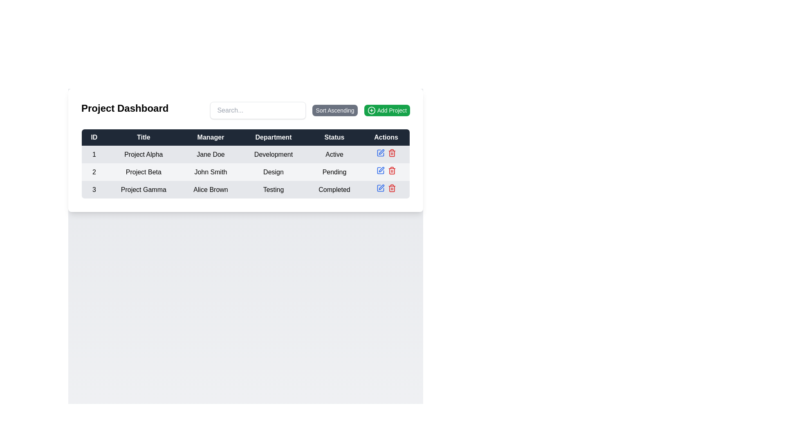  Describe the element at coordinates (144, 154) in the screenshot. I see `the text label representing the title of the project named 'Project Alpha', which is located in the second column of the first row of a tabular layout` at that location.